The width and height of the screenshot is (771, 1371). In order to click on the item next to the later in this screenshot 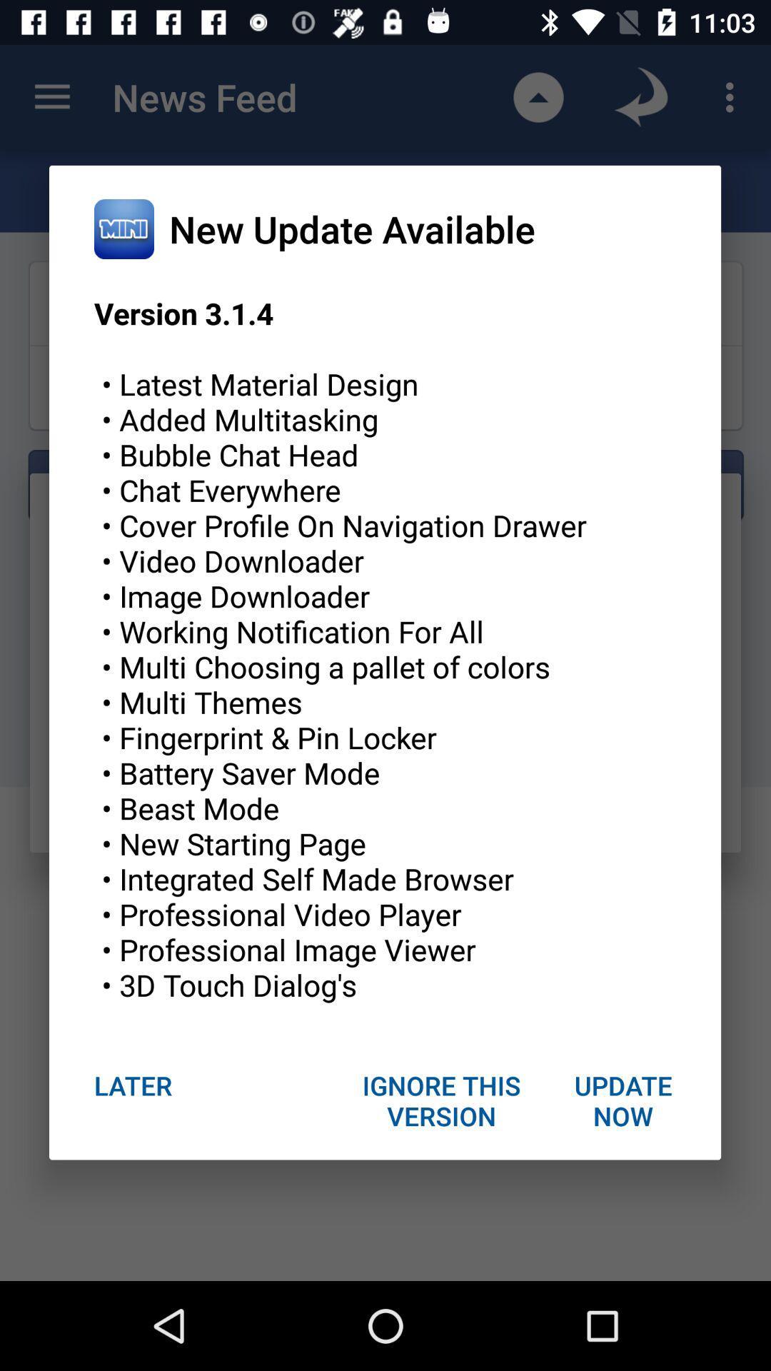, I will do `click(441, 1100)`.